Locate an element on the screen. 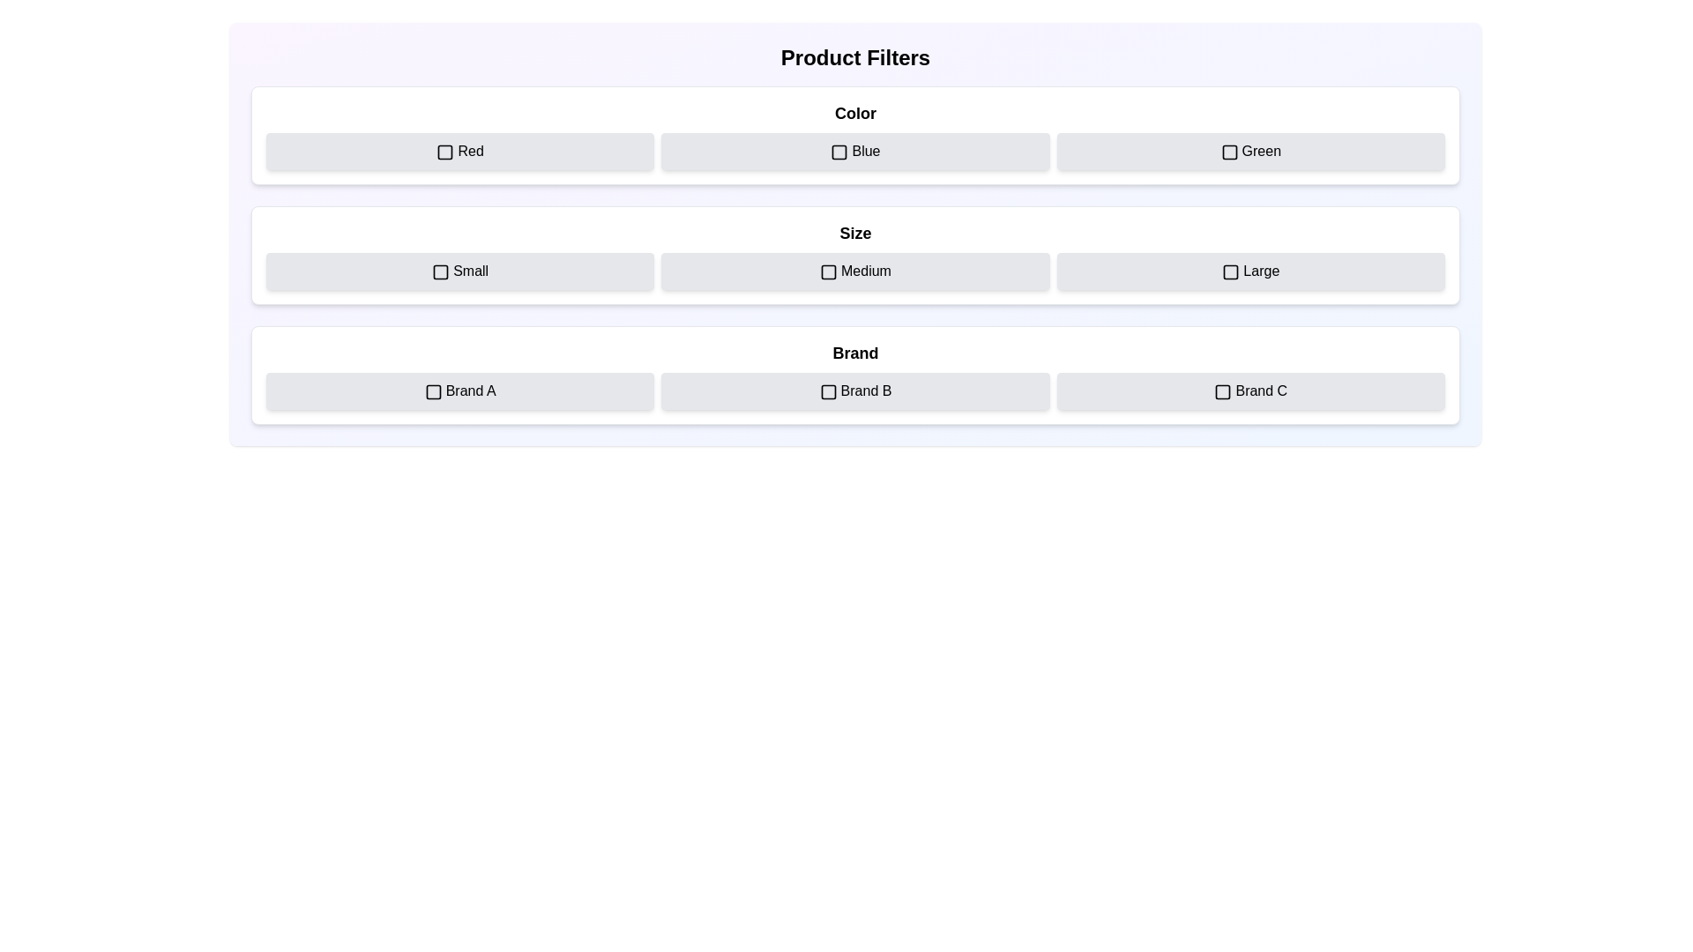 This screenshot has width=1693, height=952. the 'Small' size filter option checkbox, which is a small square with rounded corners located in the second group of filters labeled 'Size' is located at coordinates (441, 271).